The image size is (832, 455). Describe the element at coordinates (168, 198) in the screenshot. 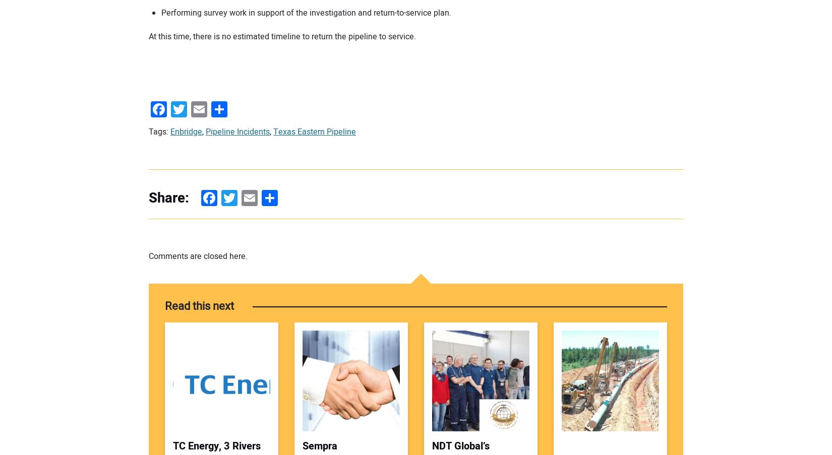

I see `'Share:'` at that location.